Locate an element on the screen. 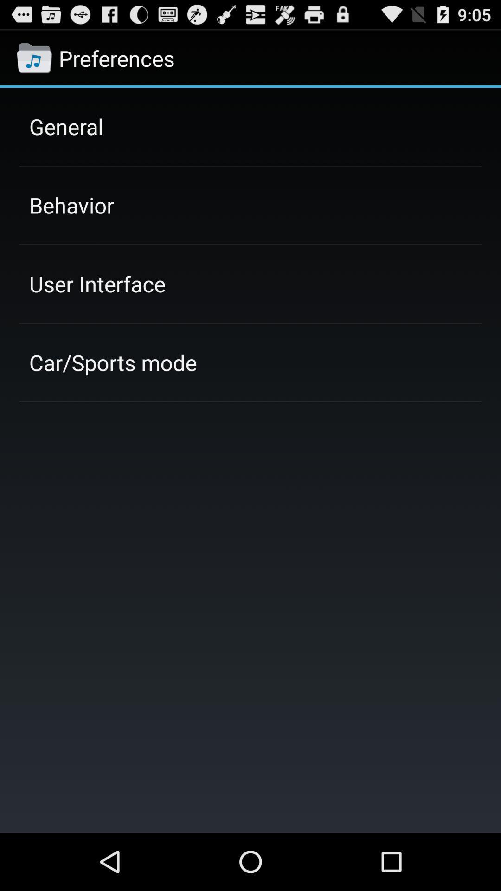  general is located at coordinates (65, 126).